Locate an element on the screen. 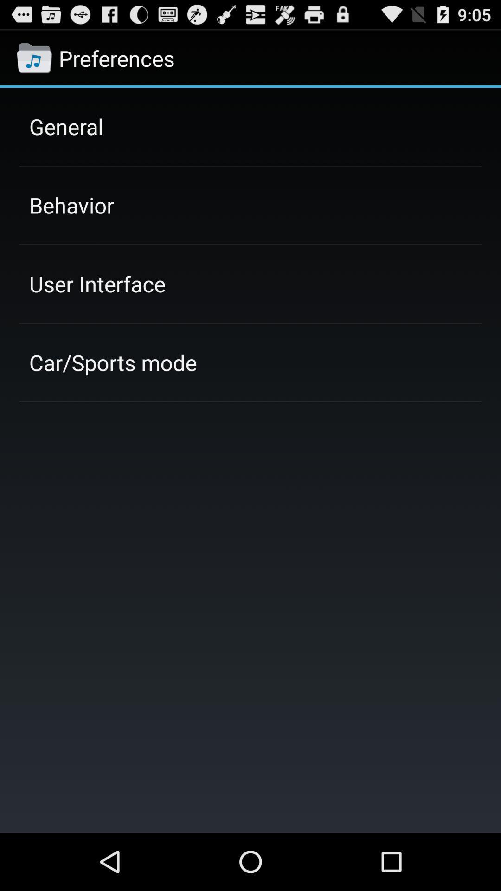  general is located at coordinates (65, 126).